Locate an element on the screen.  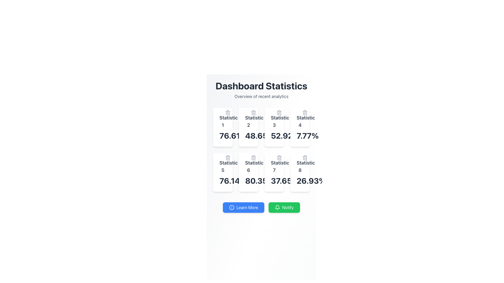
the Trash icon located is located at coordinates (253, 157).